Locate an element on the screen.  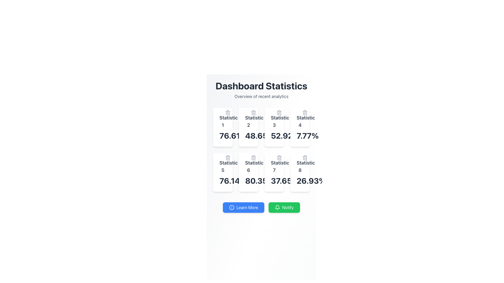
the Trash icon located is located at coordinates (253, 157).